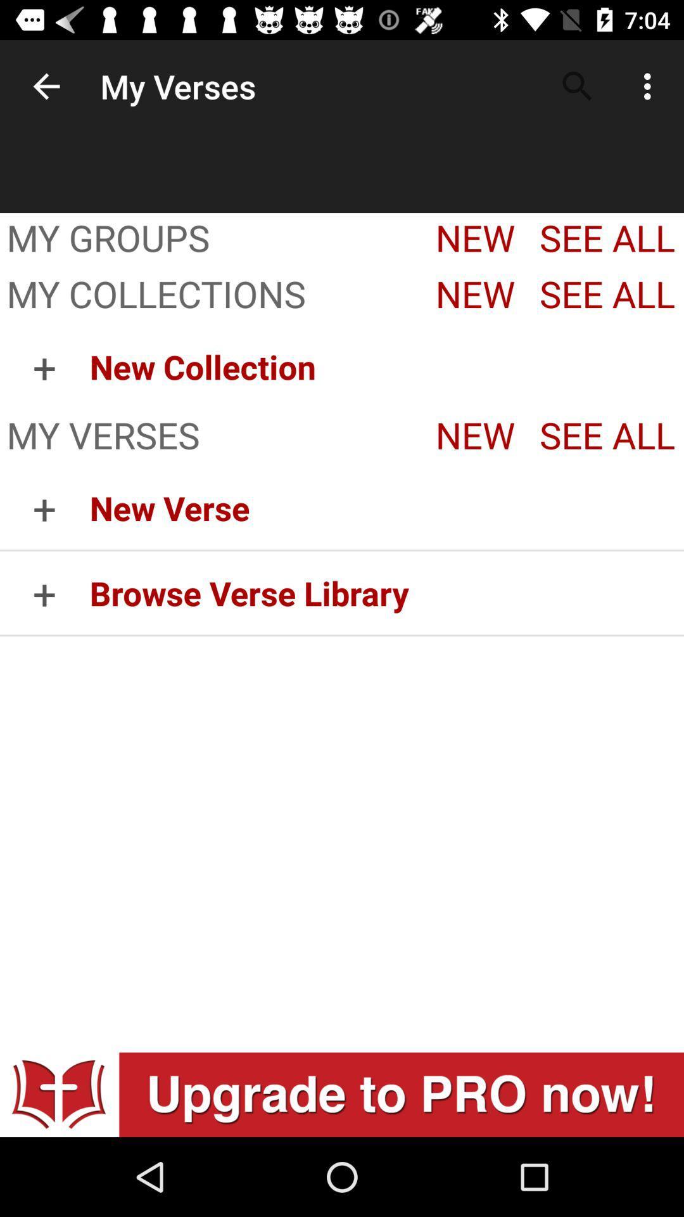  Describe the element at coordinates (386, 366) in the screenshot. I see `item to the right of + icon` at that location.